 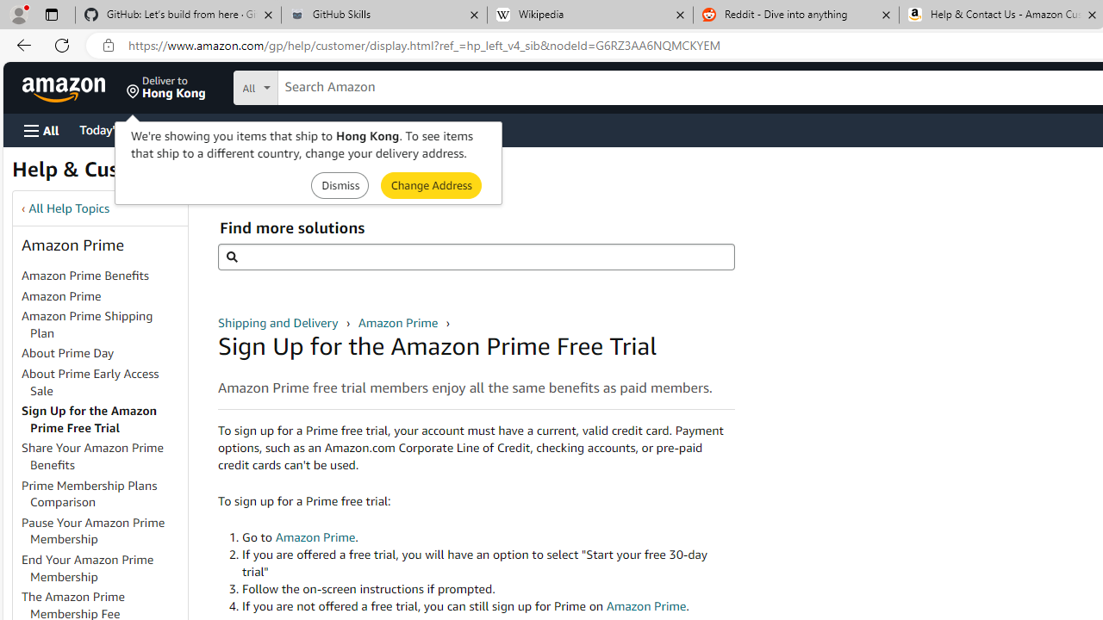 What do you see at coordinates (84, 275) in the screenshot?
I see `'Amazon Prime Benefits'` at bounding box center [84, 275].